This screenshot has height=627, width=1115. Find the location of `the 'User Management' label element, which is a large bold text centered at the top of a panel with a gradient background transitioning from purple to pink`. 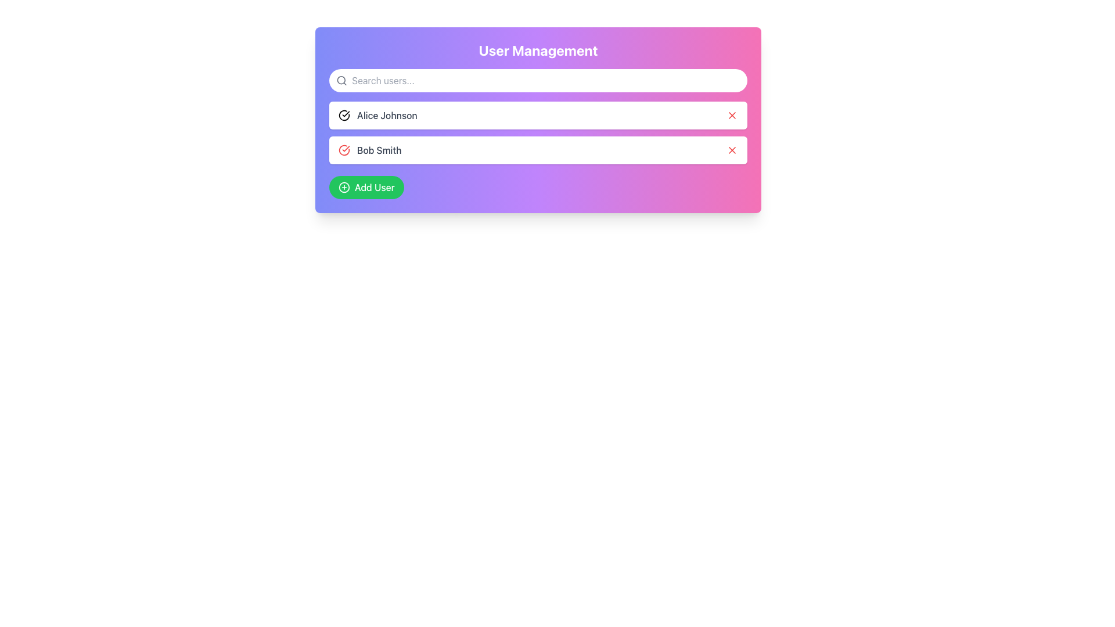

the 'User Management' label element, which is a large bold text centered at the top of a panel with a gradient background transitioning from purple to pink is located at coordinates (537, 50).